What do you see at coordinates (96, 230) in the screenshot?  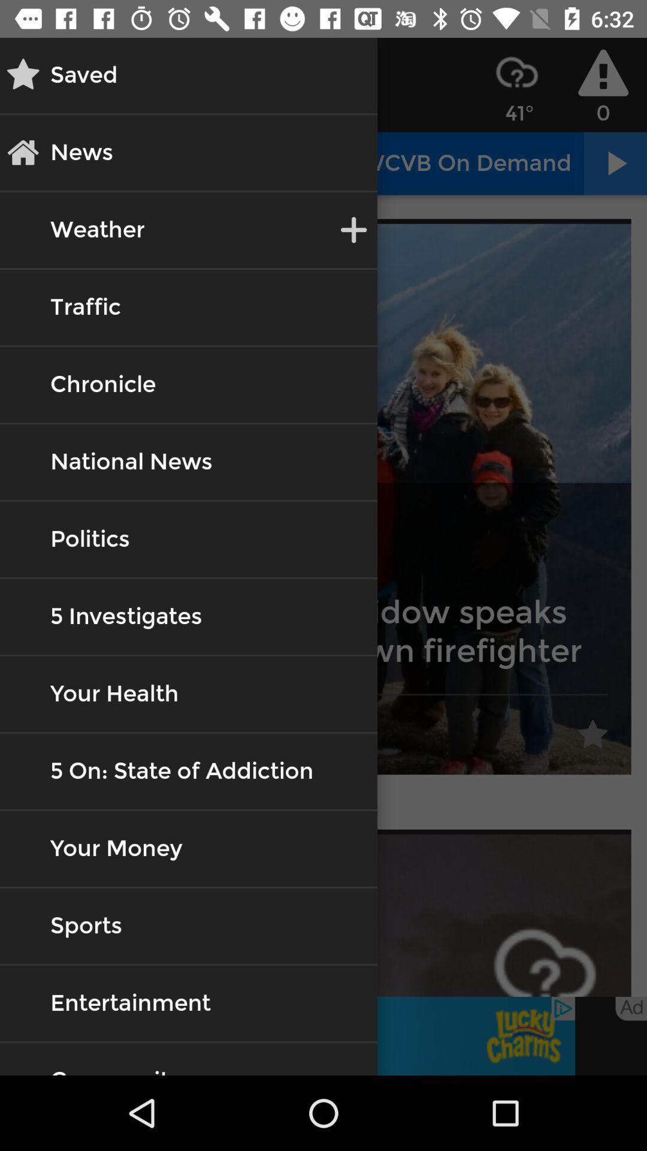 I see `the weather button on the web page` at bounding box center [96, 230].